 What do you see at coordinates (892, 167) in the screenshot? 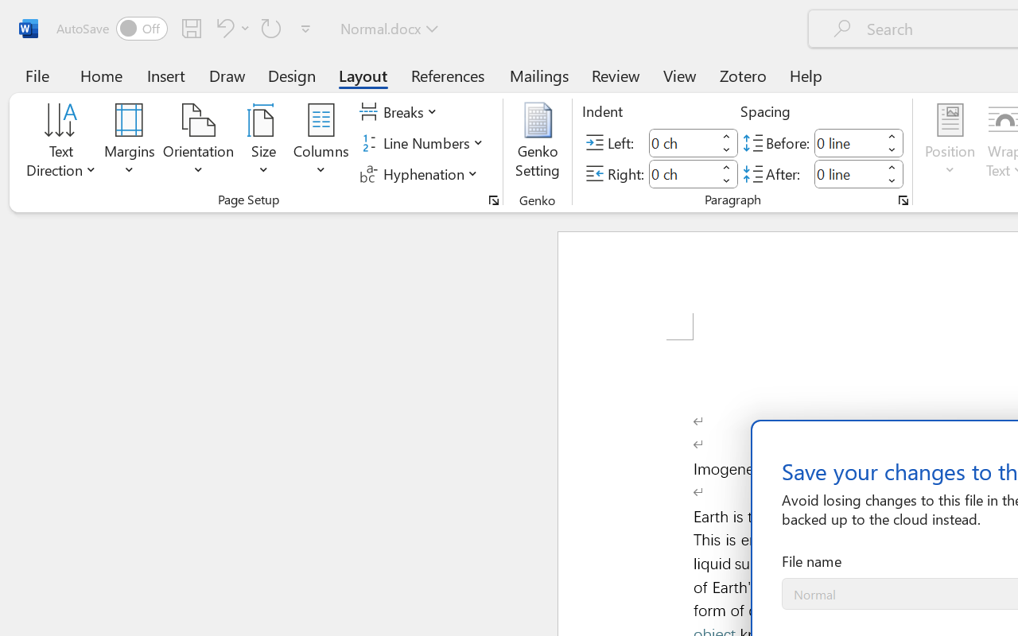
I see `'More'` at bounding box center [892, 167].